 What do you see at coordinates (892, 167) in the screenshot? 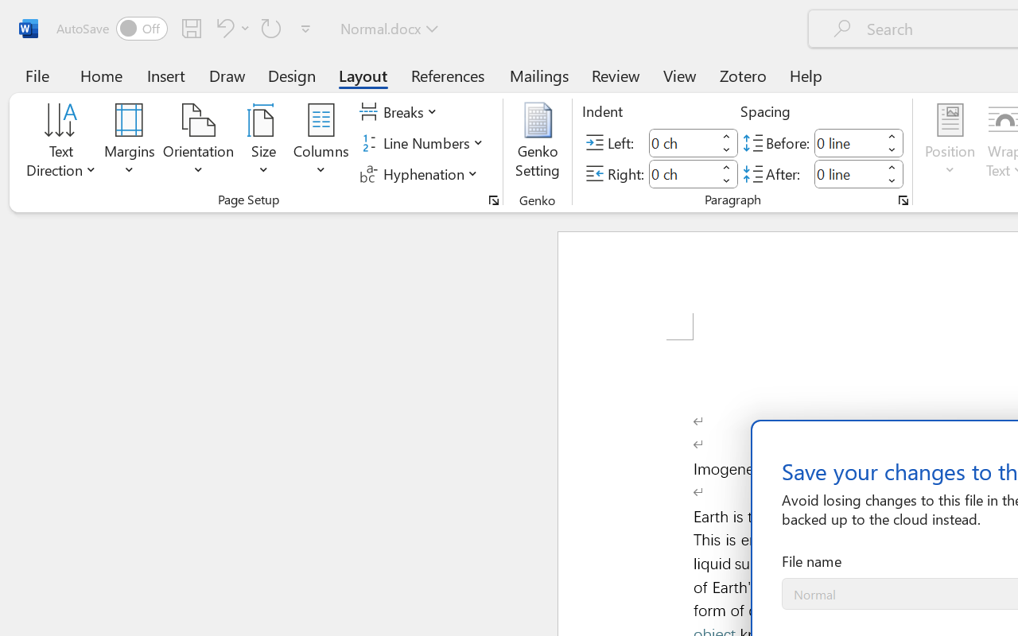
I see `'More'` at bounding box center [892, 167].